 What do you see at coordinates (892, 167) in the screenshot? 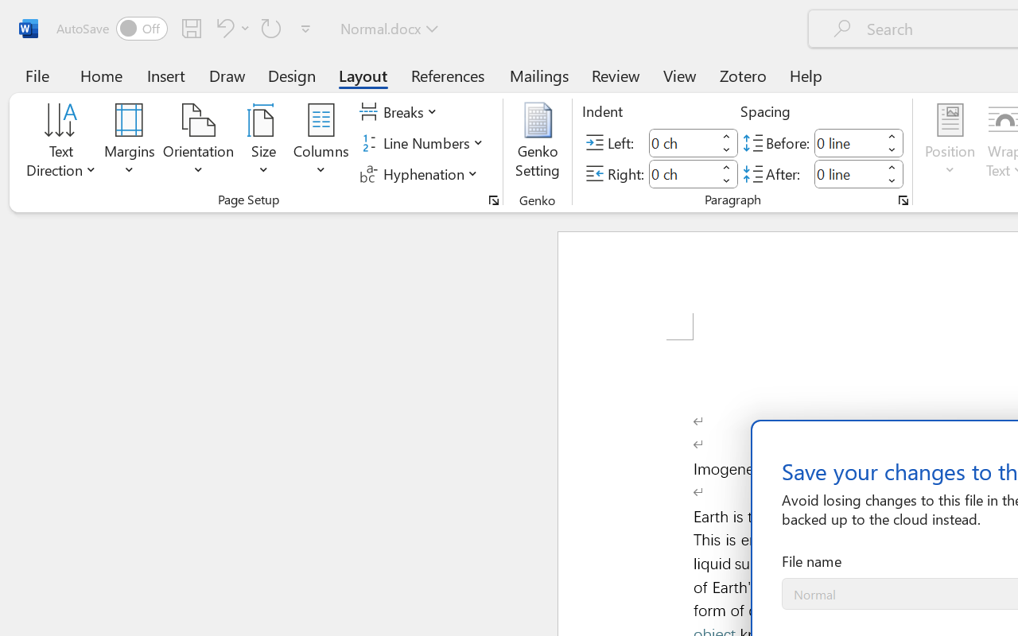
I see `'More'` at bounding box center [892, 167].